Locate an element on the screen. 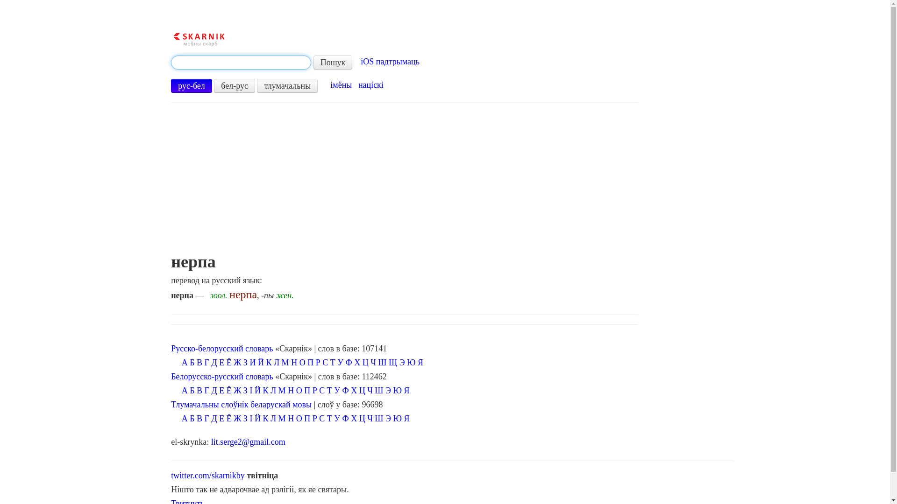 This screenshot has width=897, height=504. 'twitter.com/skarnikby' is located at coordinates (207, 475).